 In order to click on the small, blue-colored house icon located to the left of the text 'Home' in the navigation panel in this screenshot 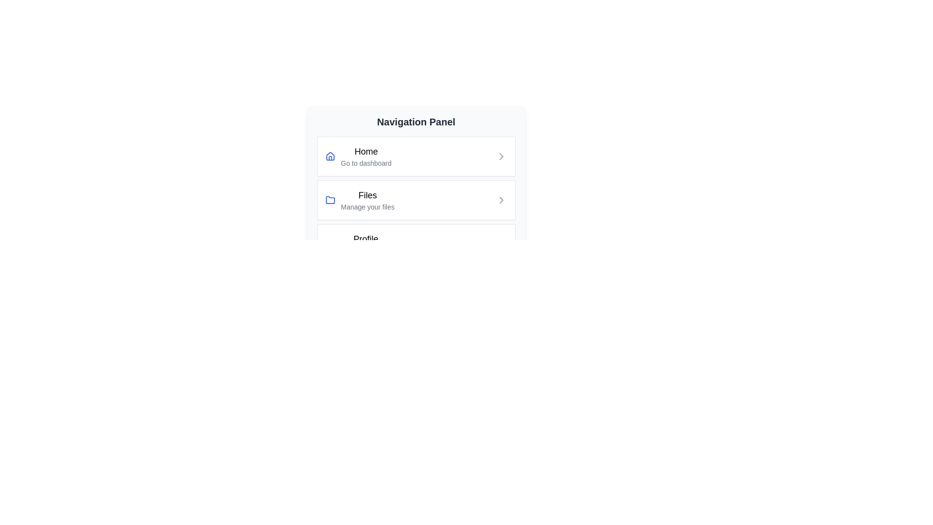, I will do `click(330, 156)`.